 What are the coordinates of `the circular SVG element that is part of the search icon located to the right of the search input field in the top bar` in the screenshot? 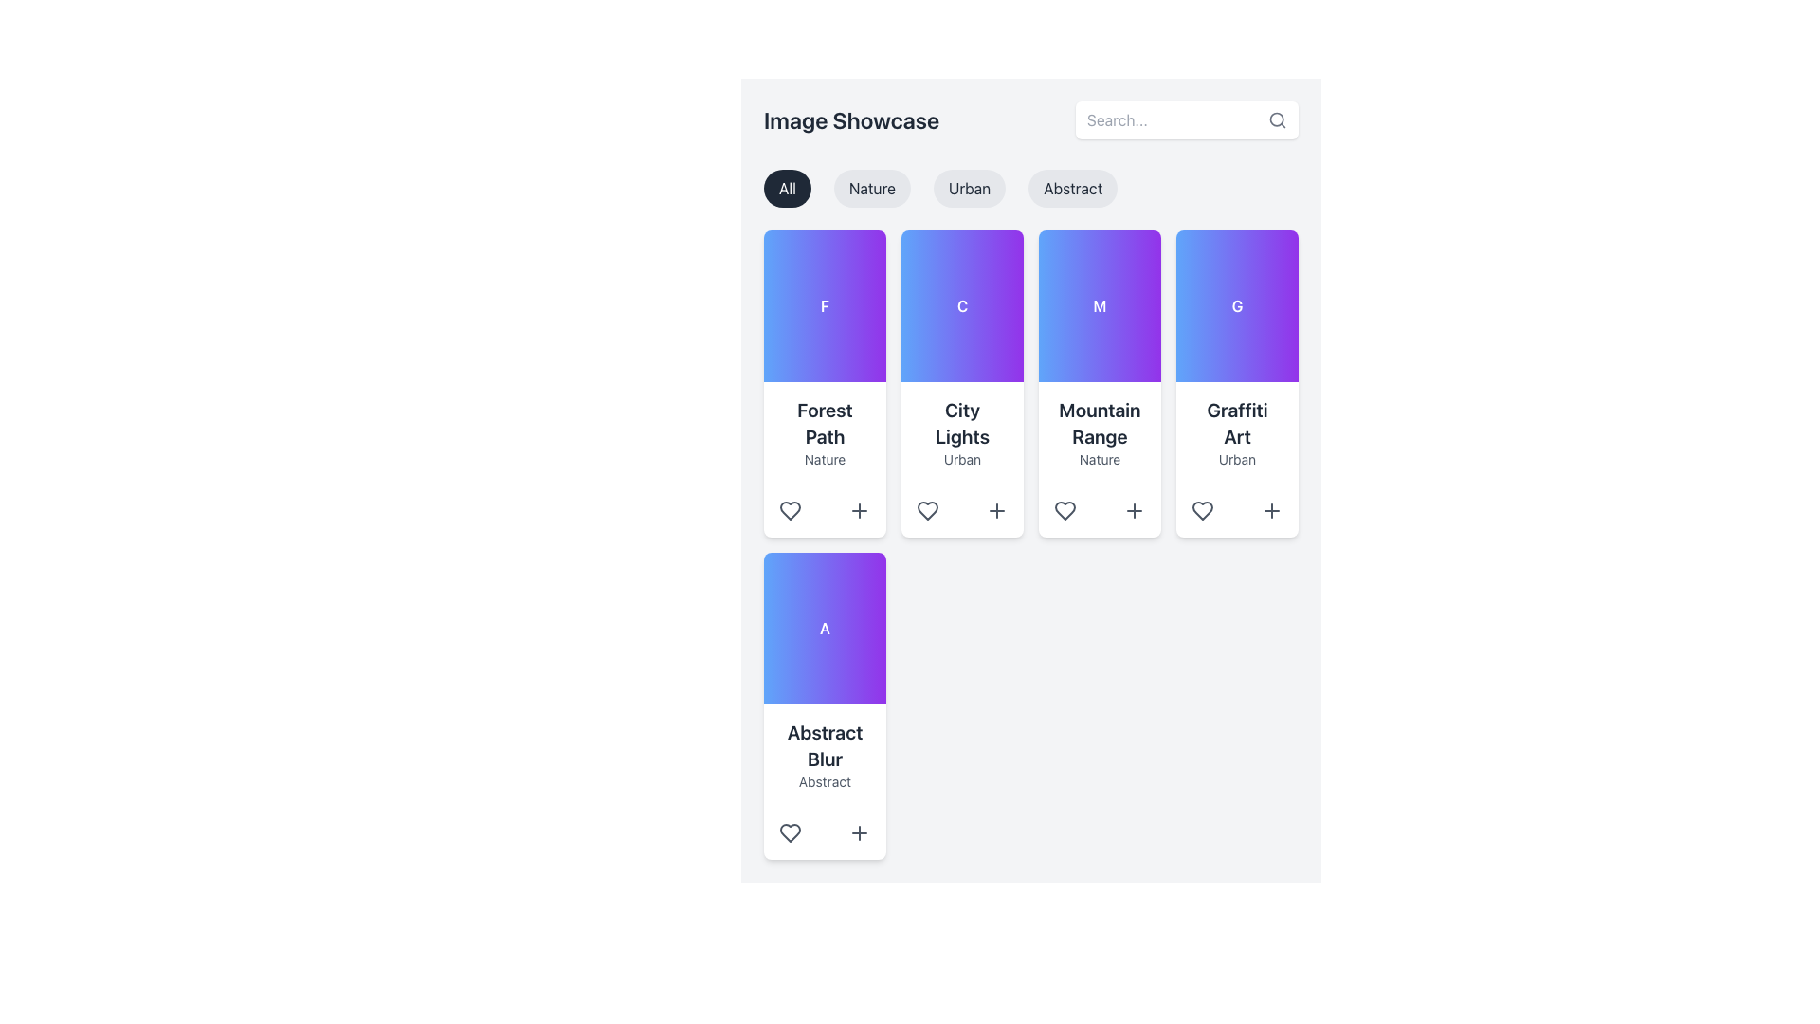 It's located at (1277, 119).